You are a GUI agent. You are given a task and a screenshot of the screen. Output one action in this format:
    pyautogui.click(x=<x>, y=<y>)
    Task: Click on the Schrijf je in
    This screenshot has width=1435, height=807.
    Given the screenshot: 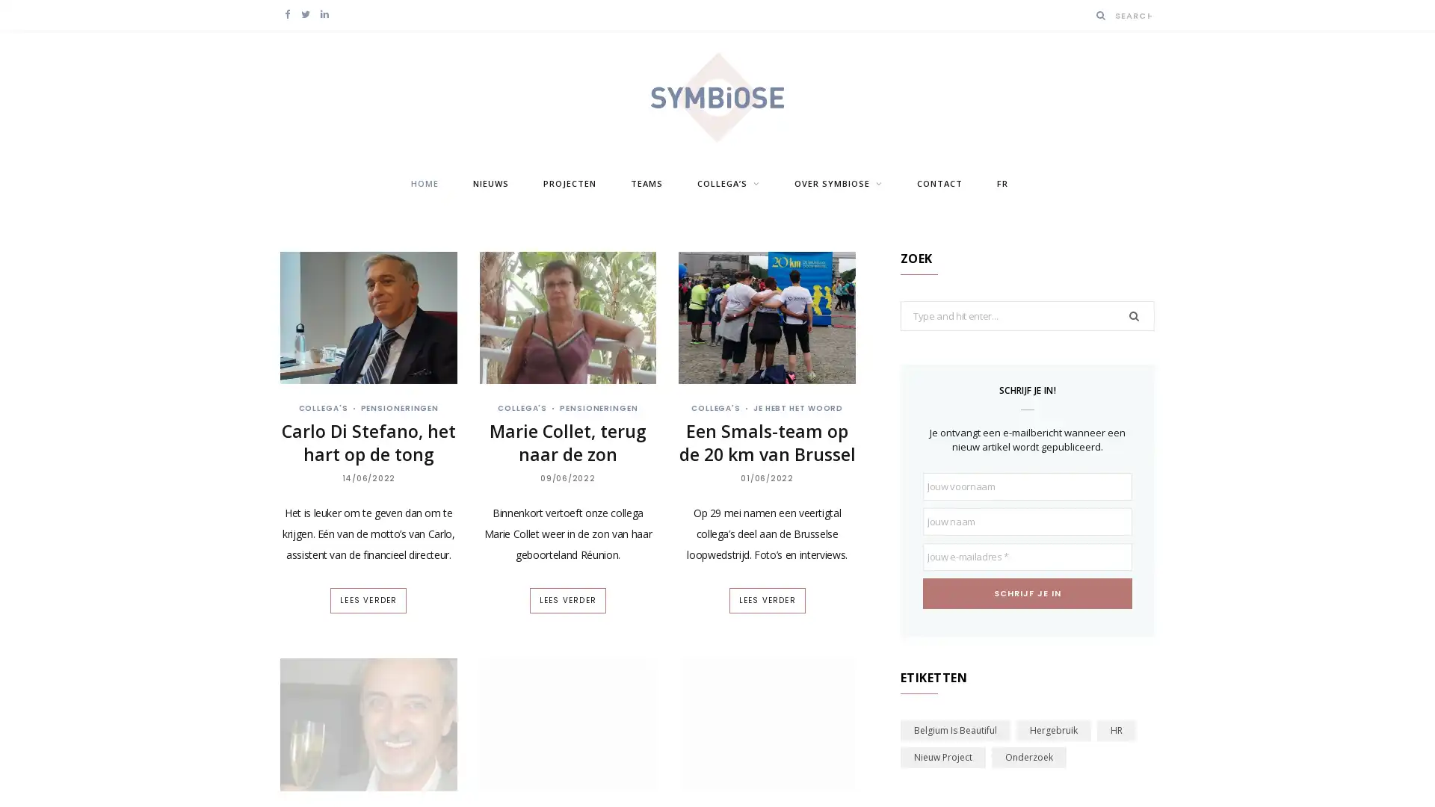 What is the action you would take?
    pyautogui.click(x=1026, y=592)
    